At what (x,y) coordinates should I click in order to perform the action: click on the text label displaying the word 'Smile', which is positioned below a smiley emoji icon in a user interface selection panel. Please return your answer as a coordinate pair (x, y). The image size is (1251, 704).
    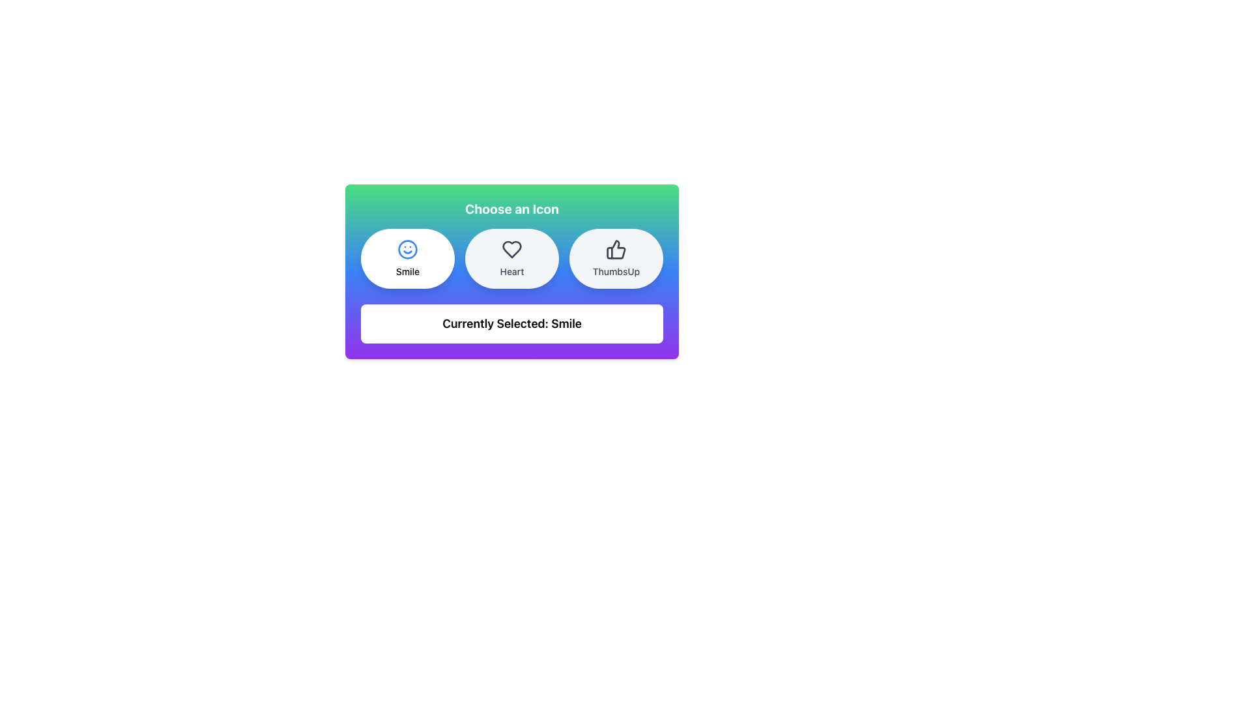
    Looking at the image, I should click on (407, 271).